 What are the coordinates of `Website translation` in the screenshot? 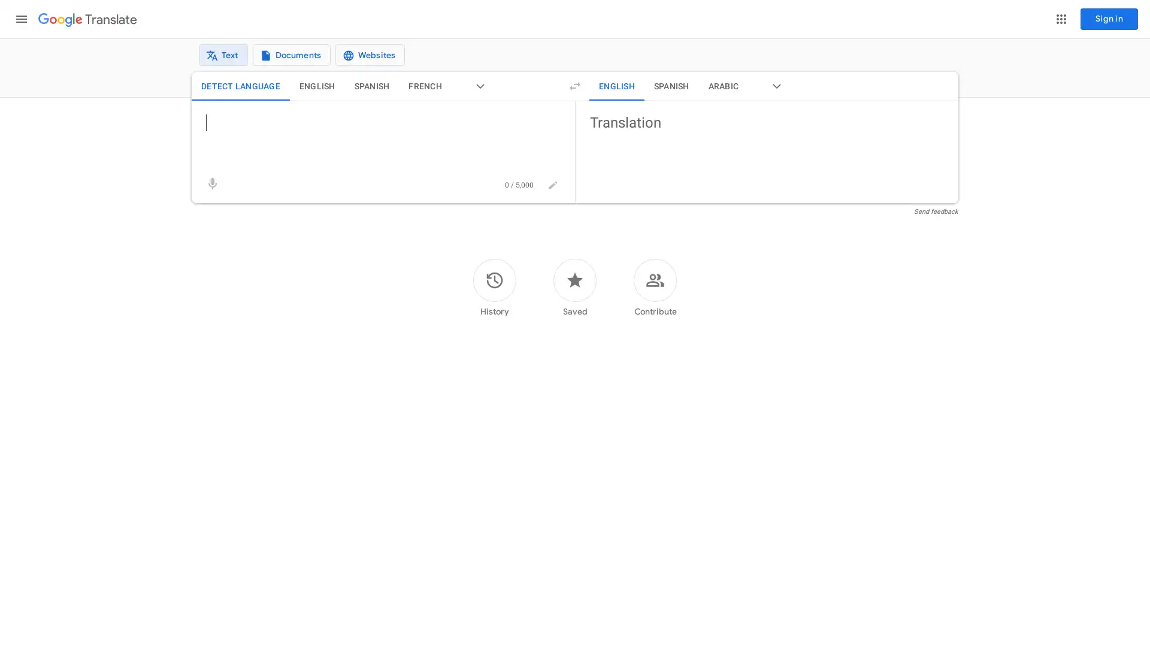 It's located at (362, 58).